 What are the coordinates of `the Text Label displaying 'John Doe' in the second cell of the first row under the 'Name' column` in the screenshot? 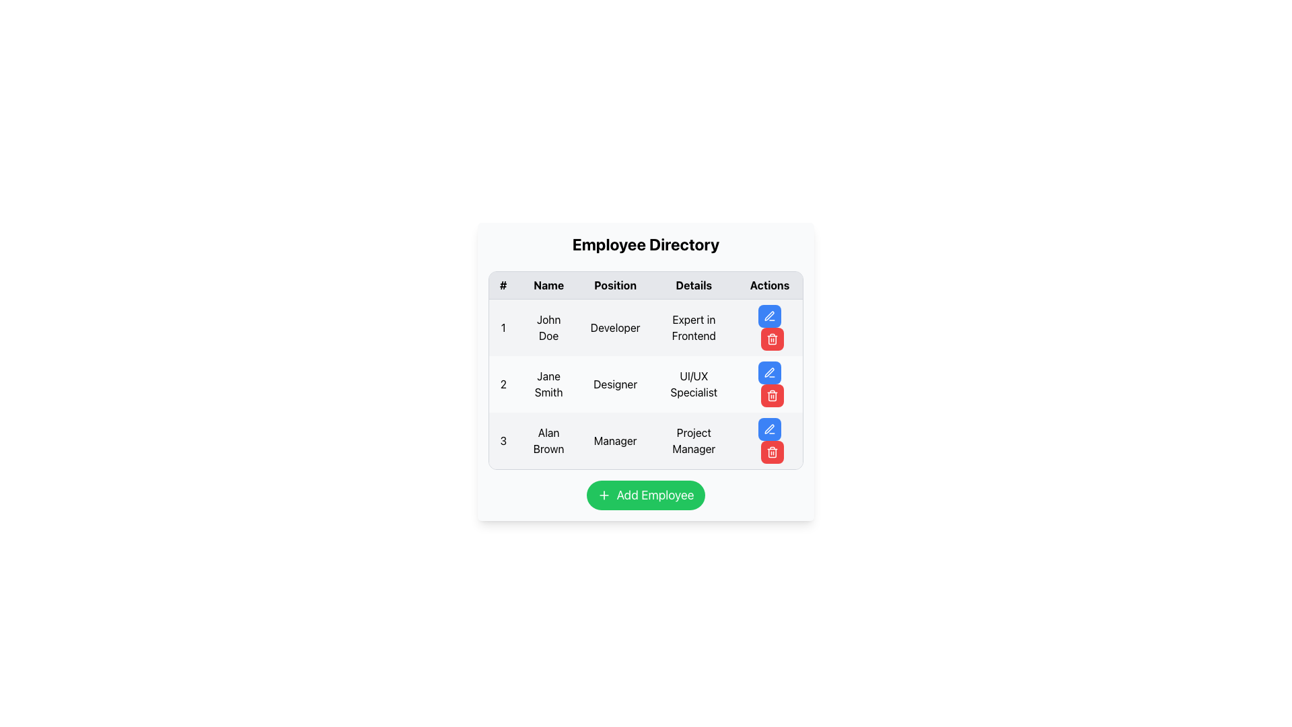 It's located at (548, 327).